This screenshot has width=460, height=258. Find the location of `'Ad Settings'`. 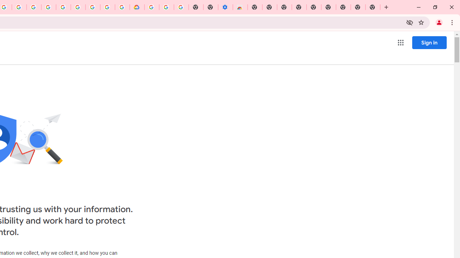

'Ad Settings' is located at coordinates (48, 7).